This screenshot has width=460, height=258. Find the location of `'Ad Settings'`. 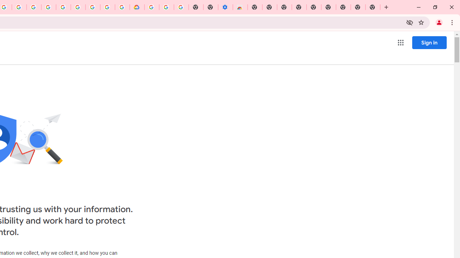

'Ad Settings' is located at coordinates (48, 7).